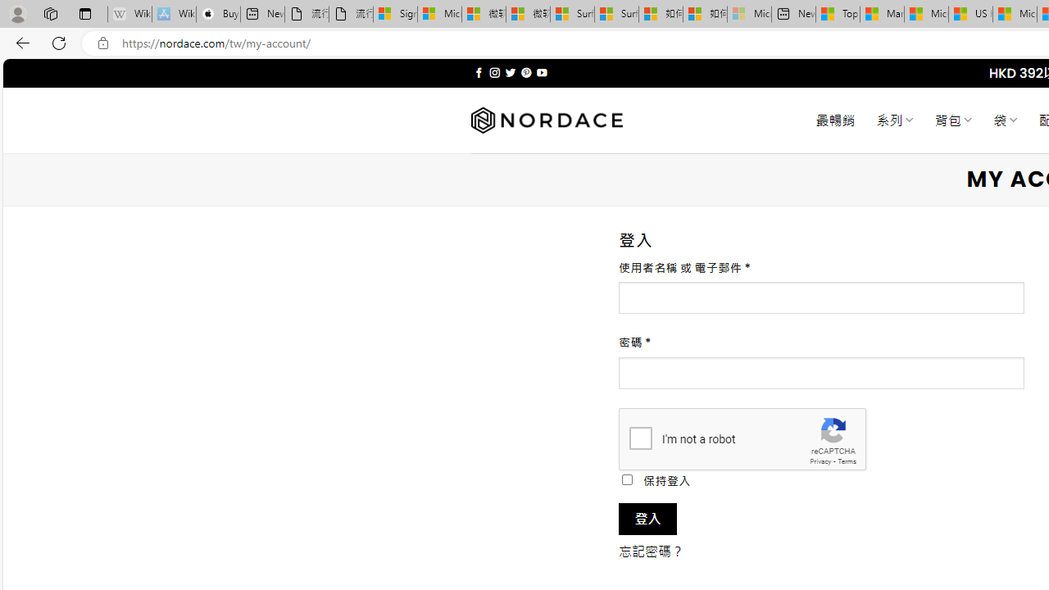  I want to click on 'Top Stories - MSN', so click(838, 14).